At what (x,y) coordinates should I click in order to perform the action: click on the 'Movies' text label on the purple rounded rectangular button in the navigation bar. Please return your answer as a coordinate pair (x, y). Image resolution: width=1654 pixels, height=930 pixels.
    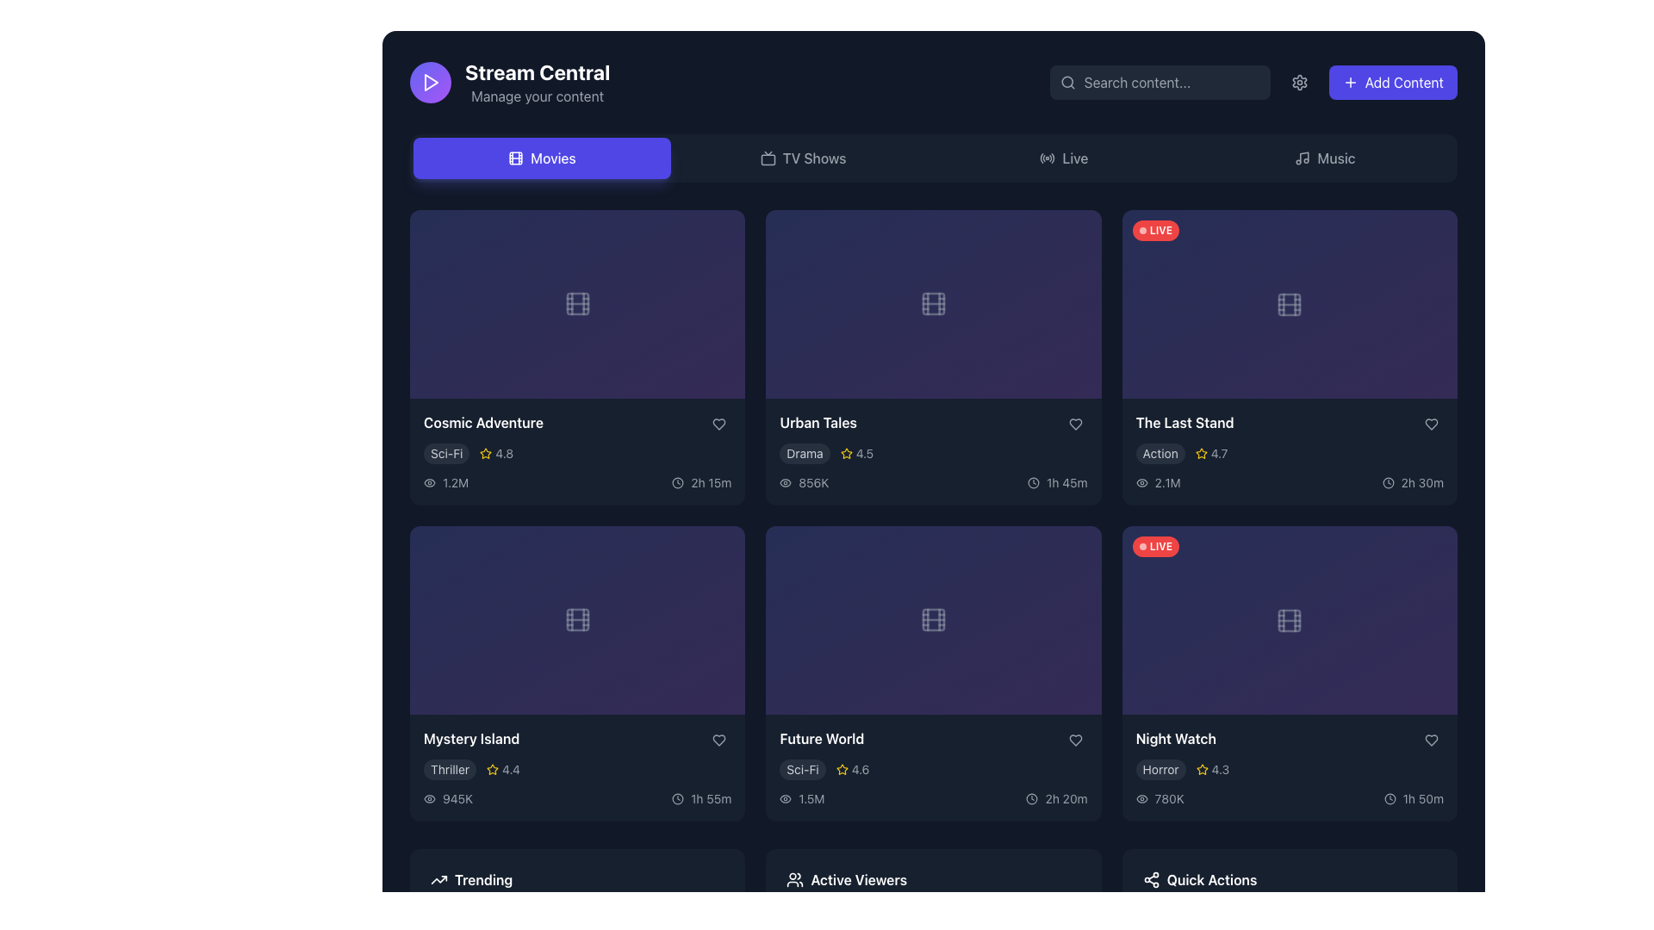
    Looking at the image, I should click on (553, 158).